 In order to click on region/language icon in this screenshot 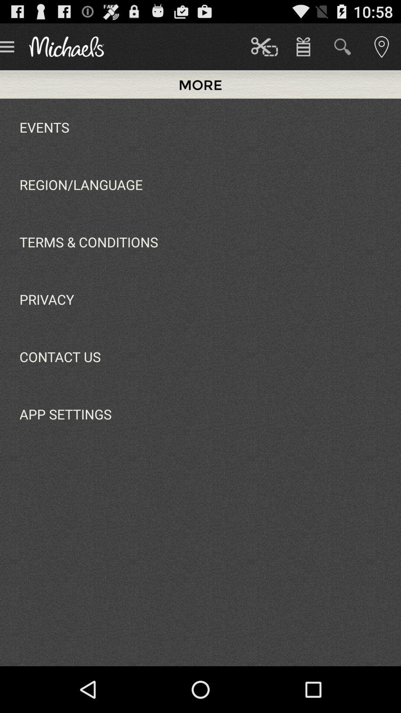, I will do `click(81, 185)`.